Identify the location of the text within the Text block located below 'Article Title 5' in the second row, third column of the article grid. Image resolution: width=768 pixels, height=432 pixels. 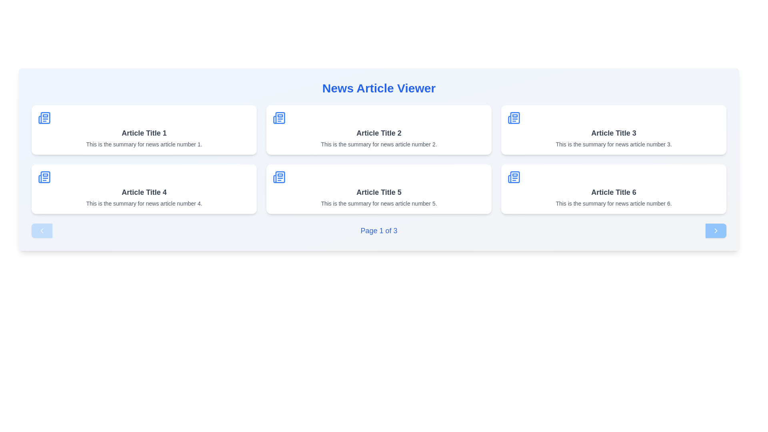
(378, 203).